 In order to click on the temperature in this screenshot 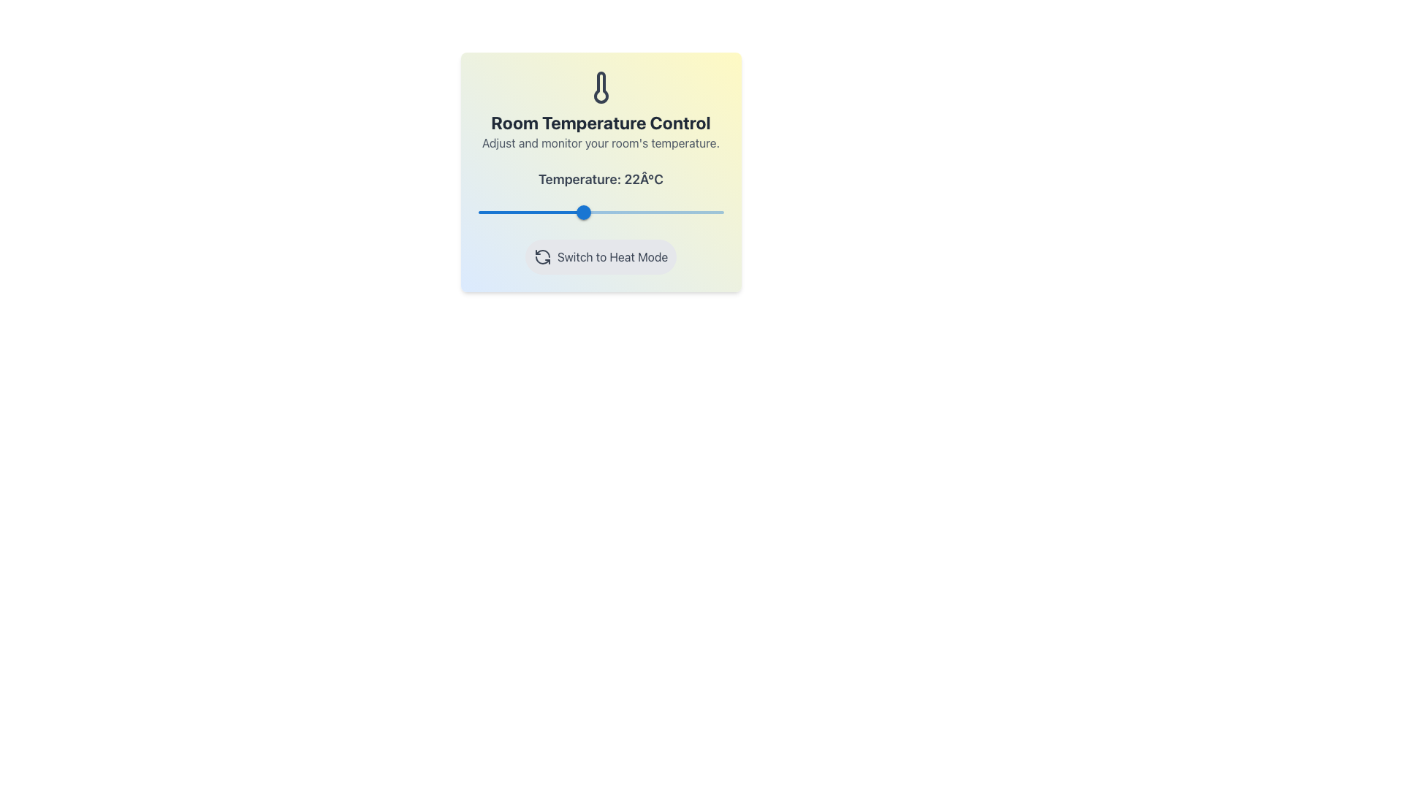, I will do `click(575, 212)`.